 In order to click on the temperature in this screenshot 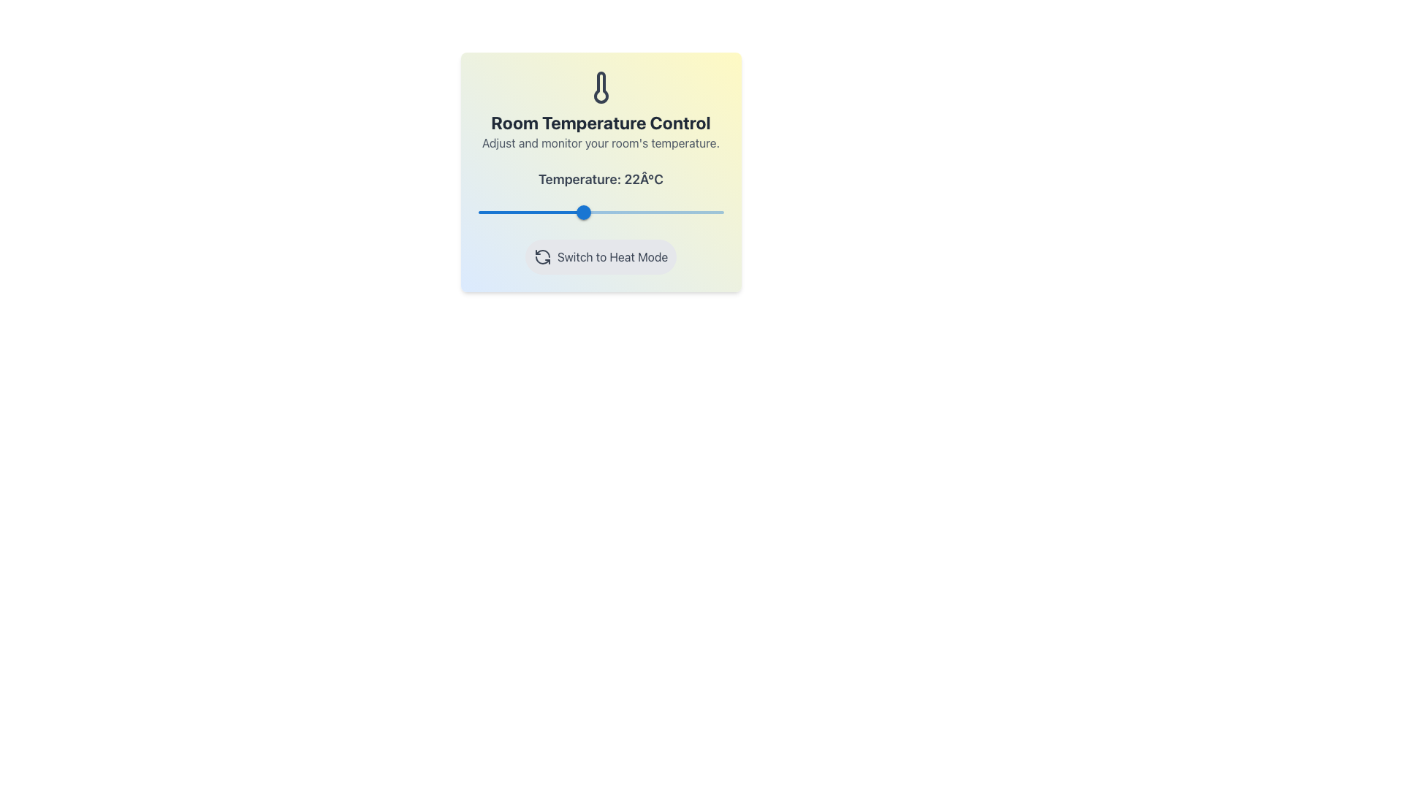, I will do `click(575, 212)`.